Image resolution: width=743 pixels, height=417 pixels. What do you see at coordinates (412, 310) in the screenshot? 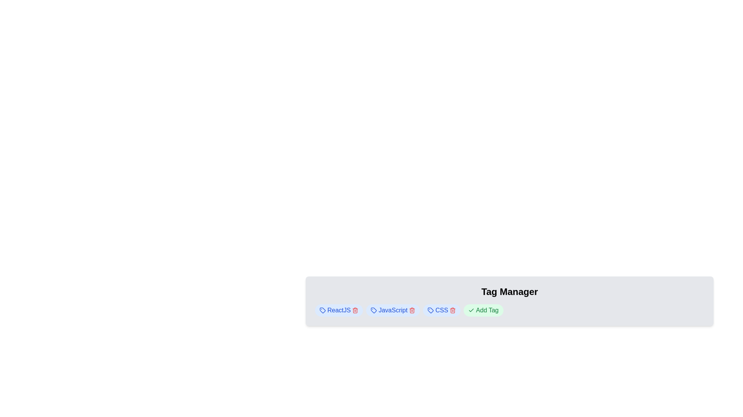
I see `the red trash can icon button located to the right of the 'JavaScript' label` at bounding box center [412, 310].